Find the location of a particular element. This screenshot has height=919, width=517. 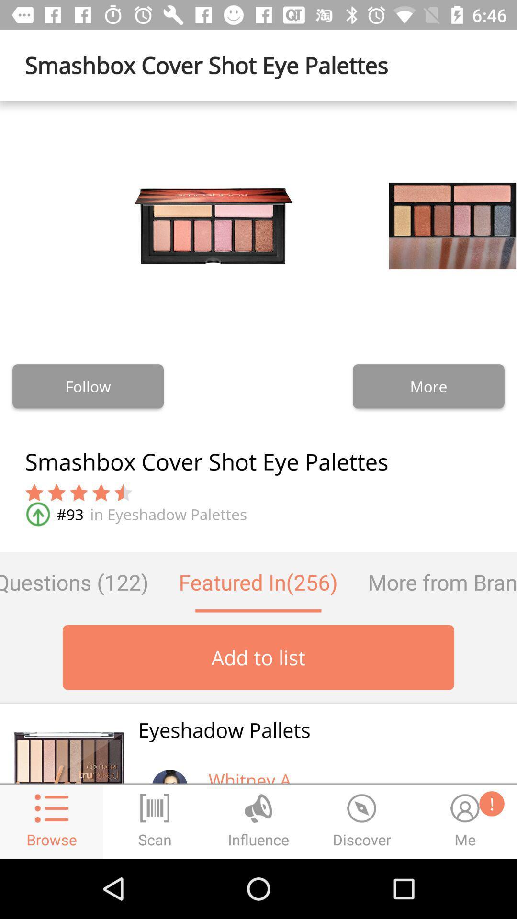

questions (122) icon is located at coordinates (81, 582).